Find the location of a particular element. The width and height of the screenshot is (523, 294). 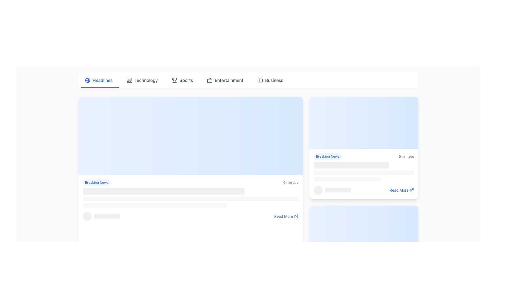

the loading placeholder circle, which is a circular element with a light gray background located within a card layout on the right column near the bottom of the news feed area is located at coordinates (318, 190).